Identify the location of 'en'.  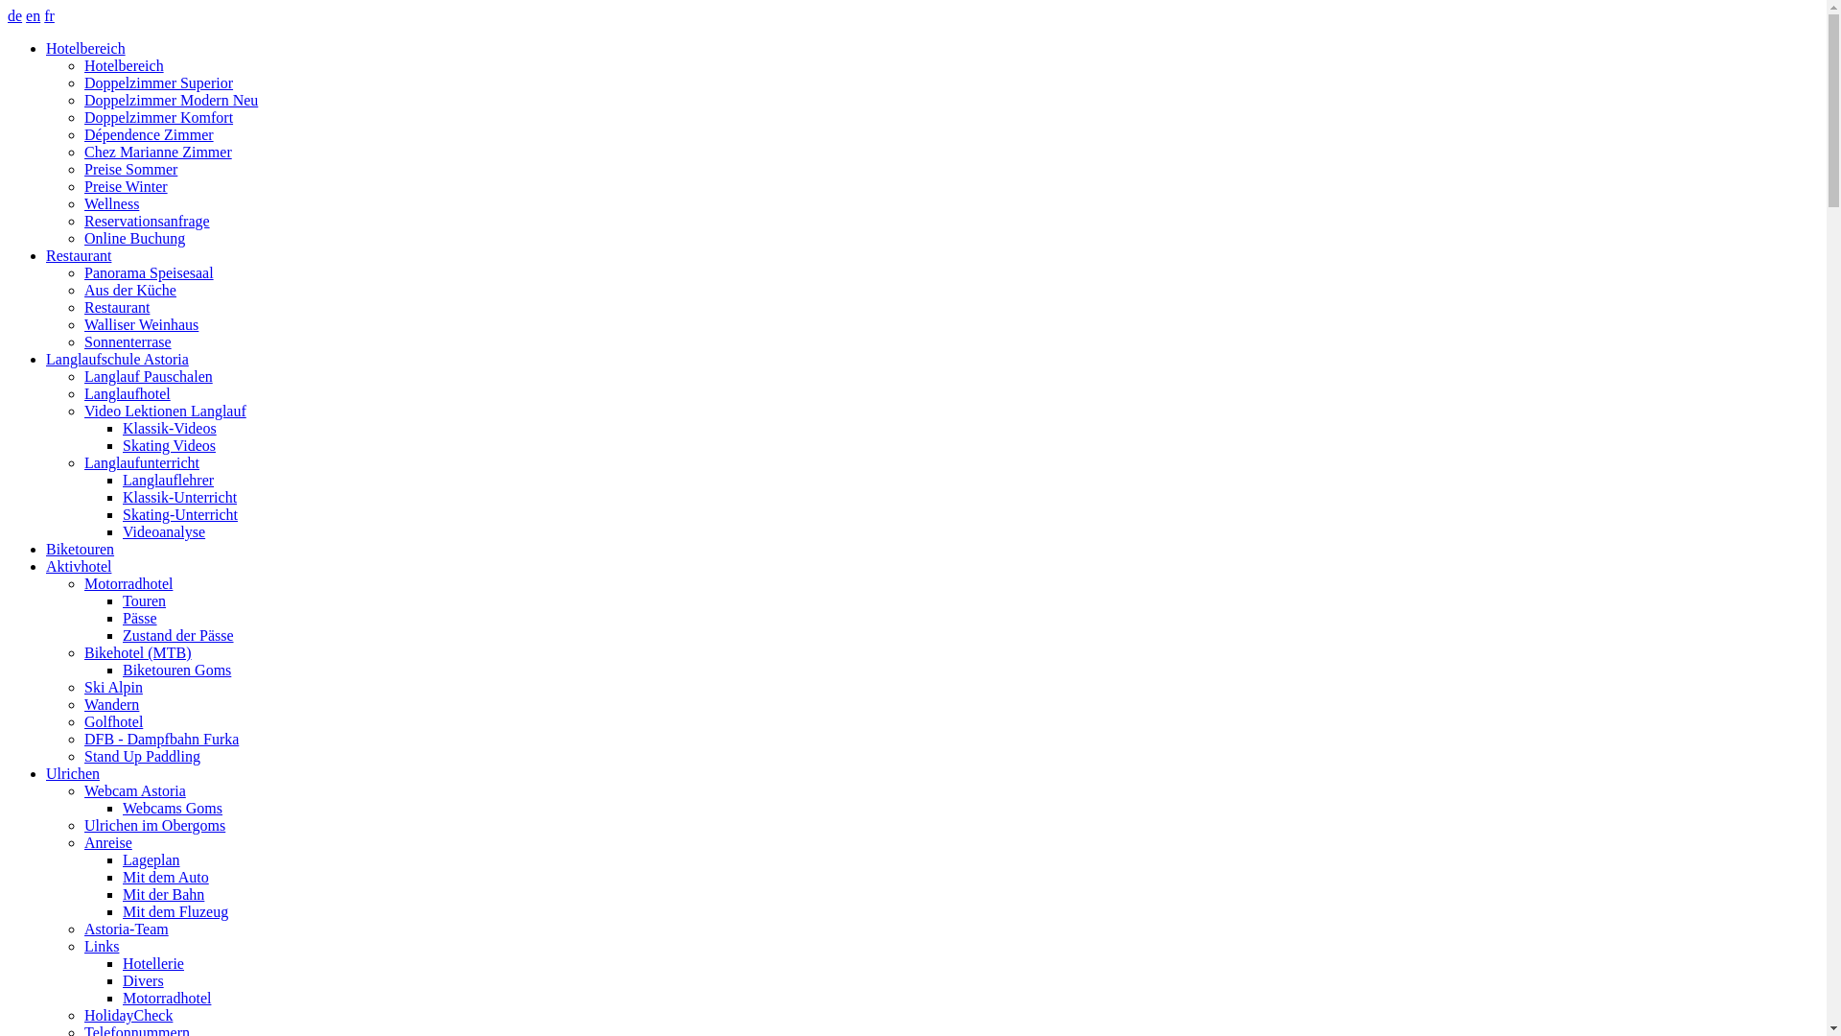
(33, 15).